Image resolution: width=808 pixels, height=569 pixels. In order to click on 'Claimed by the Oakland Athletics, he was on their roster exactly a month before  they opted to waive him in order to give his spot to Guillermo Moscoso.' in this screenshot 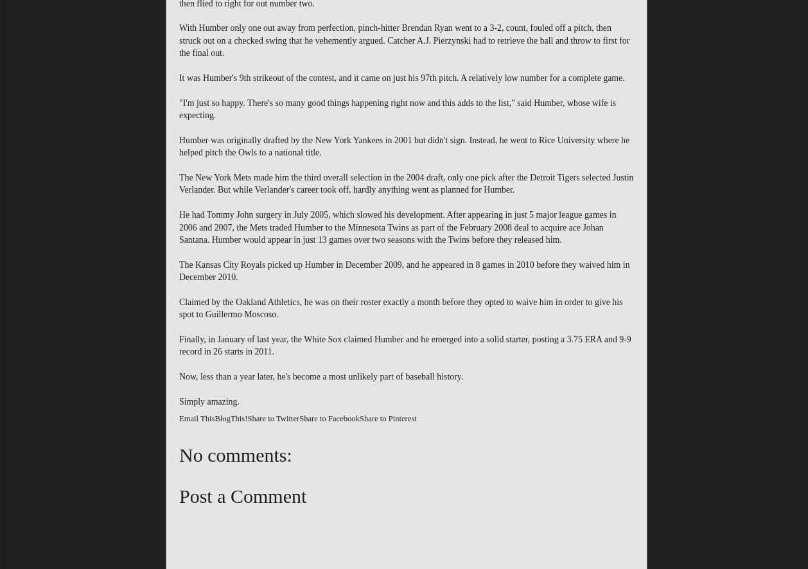, I will do `click(400, 308)`.